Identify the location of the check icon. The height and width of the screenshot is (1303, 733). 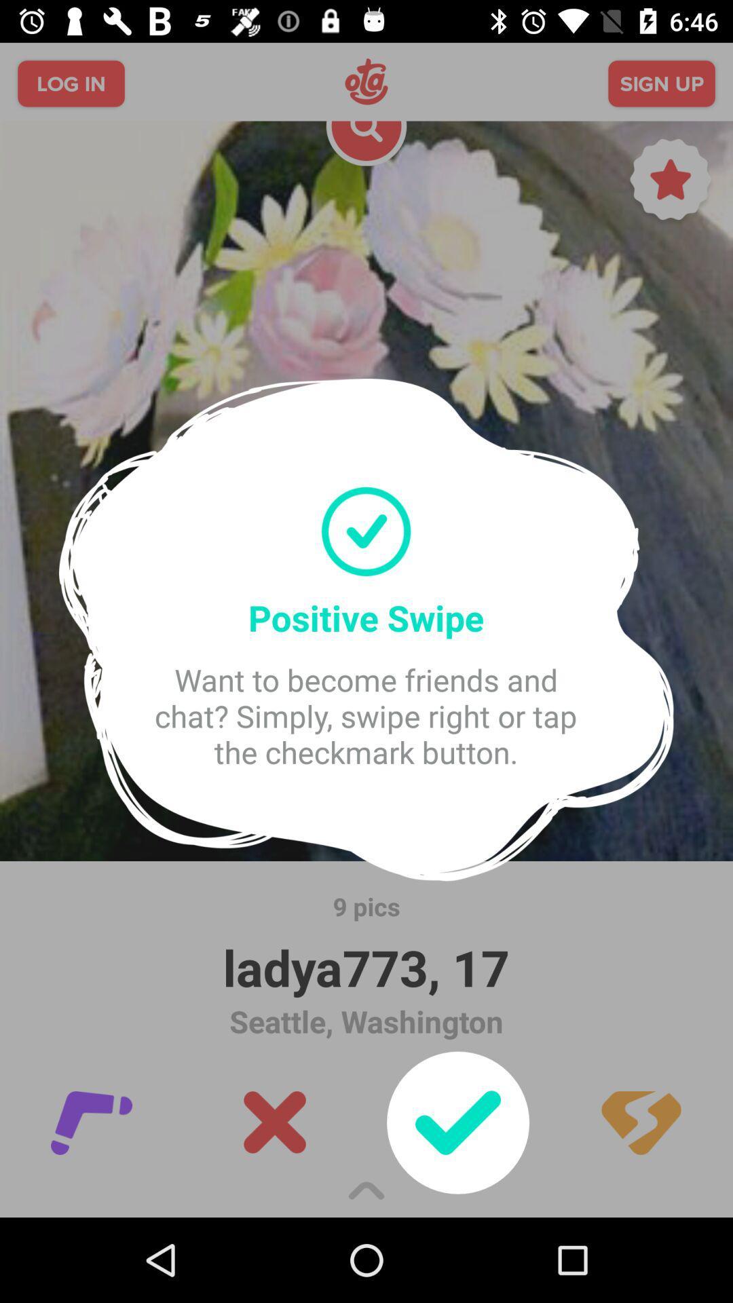
(458, 1122).